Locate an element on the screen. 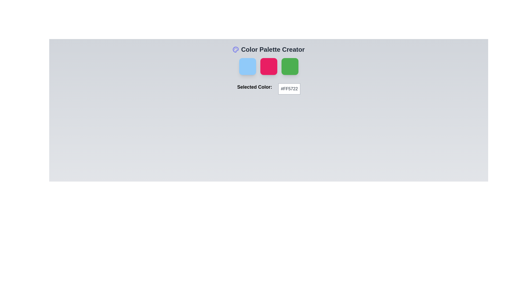  the header title text element located at the top of the application, which is centered horizontally and positioned above a row of colored boxes is located at coordinates (269, 50).